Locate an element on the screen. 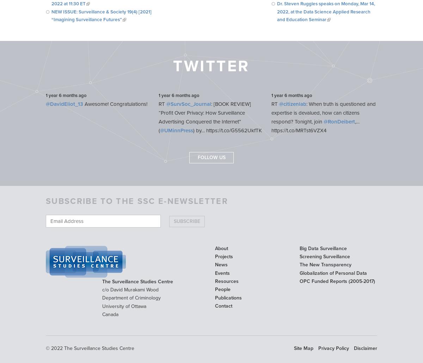 Image resolution: width=423 pixels, height=363 pixels. 'News' is located at coordinates (221, 265).